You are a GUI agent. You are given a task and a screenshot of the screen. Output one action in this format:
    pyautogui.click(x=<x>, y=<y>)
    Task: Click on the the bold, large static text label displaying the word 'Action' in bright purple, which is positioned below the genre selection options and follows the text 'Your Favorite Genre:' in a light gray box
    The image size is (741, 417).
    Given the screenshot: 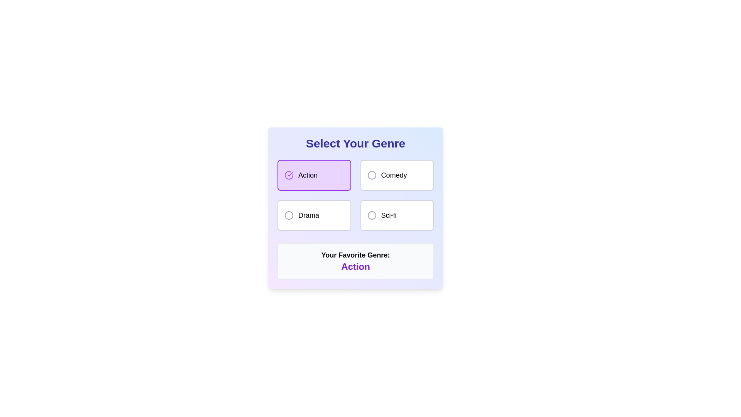 What is the action you would take?
    pyautogui.click(x=355, y=266)
    